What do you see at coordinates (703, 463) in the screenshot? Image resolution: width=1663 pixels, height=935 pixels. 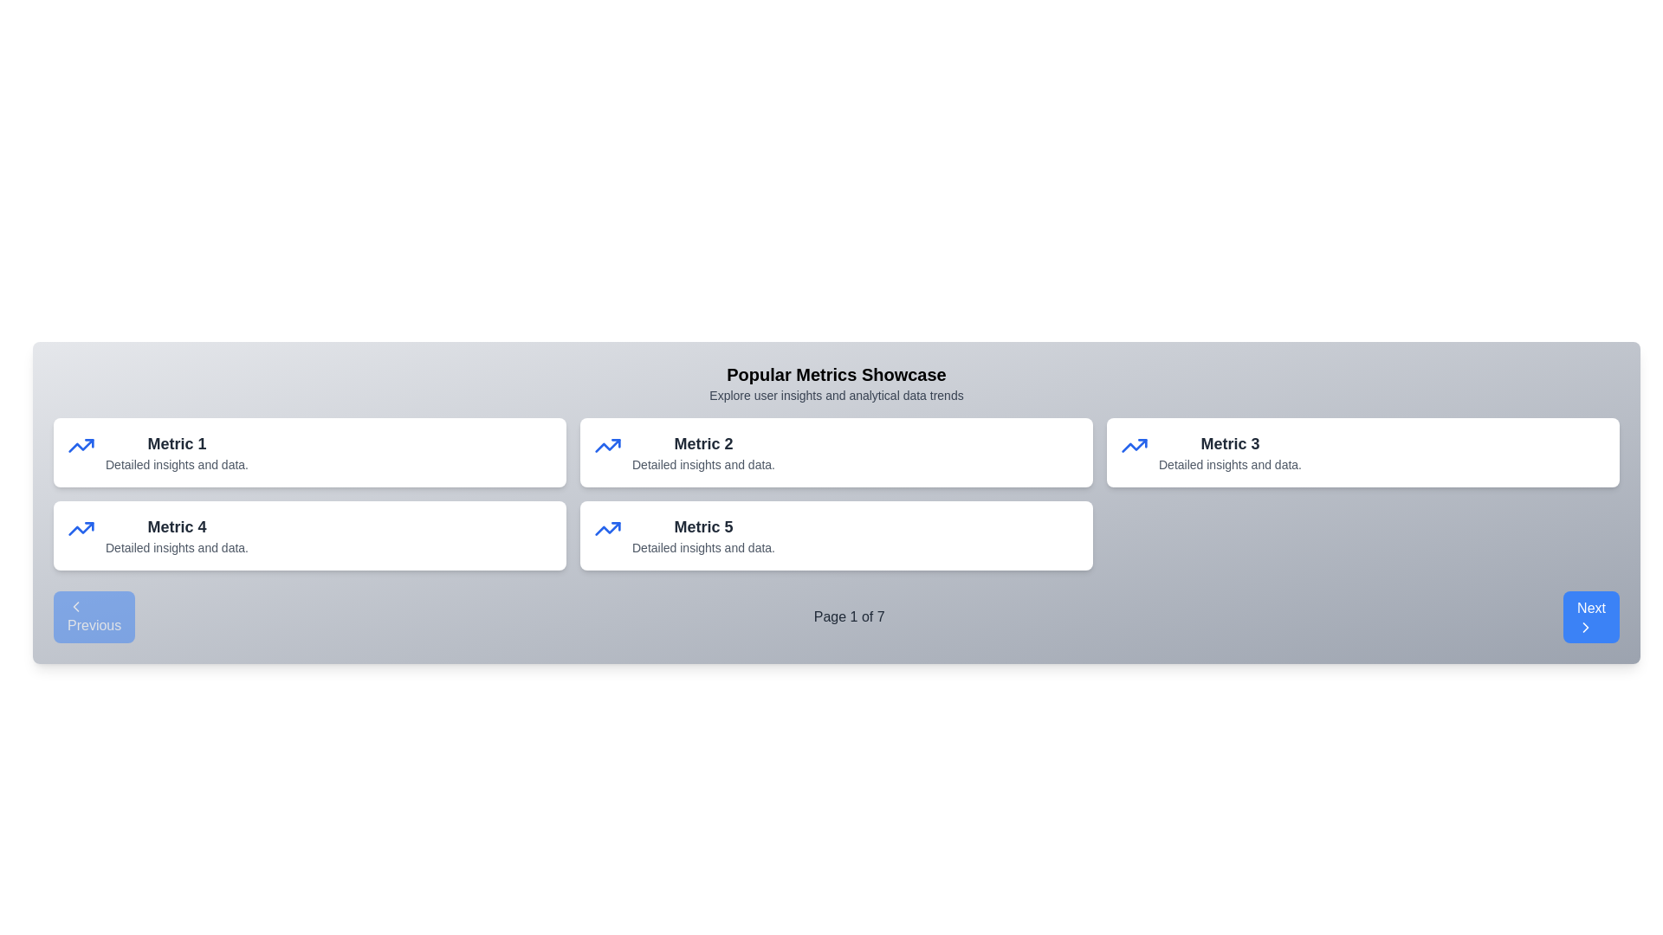 I see `descriptive text label located below the title of the 'Metric 2' card in the second column of the top row of cards` at bounding box center [703, 463].